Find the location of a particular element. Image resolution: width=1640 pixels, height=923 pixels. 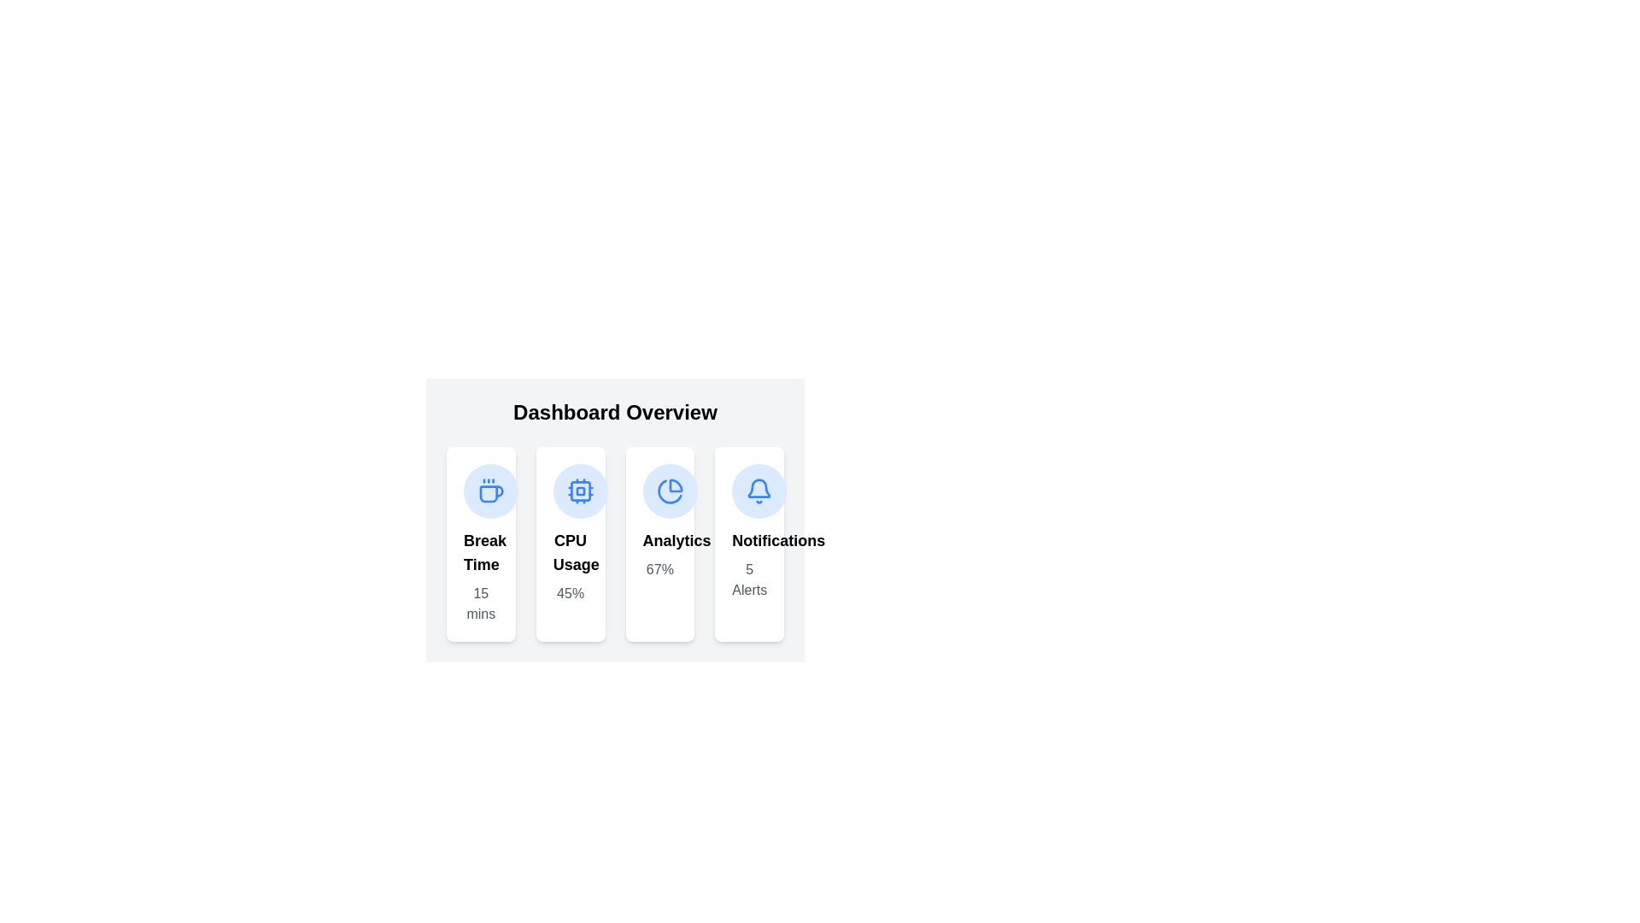

the 'CPU Usage' icon, the second icon from the left in the 'Dashboard Overview' panel, which features a blue circular background above the title 'CPU Usage' is located at coordinates (580, 491).